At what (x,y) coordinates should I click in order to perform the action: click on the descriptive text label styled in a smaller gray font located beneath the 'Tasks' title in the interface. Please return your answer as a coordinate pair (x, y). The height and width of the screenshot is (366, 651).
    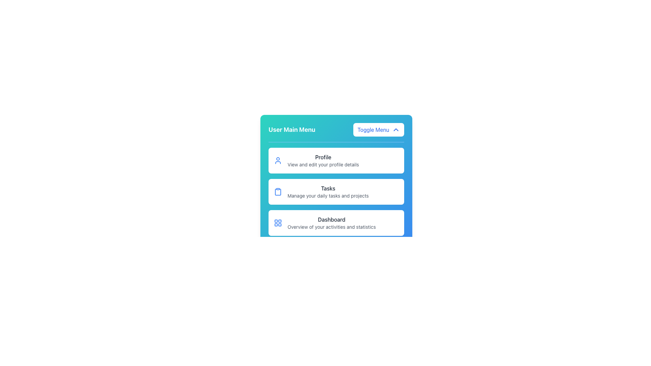
    Looking at the image, I should click on (328, 196).